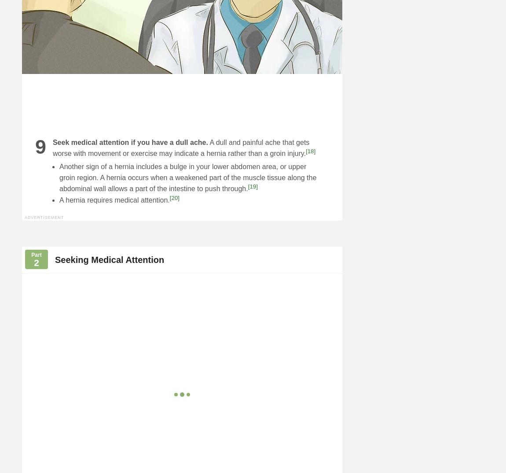  Describe the element at coordinates (109, 259) in the screenshot. I see `'Seeking Medical Attention'` at that location.